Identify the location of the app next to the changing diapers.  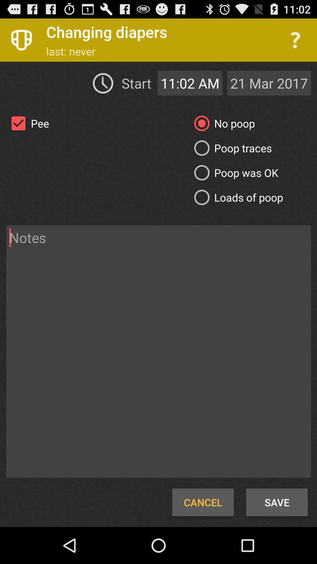
(295, 40).